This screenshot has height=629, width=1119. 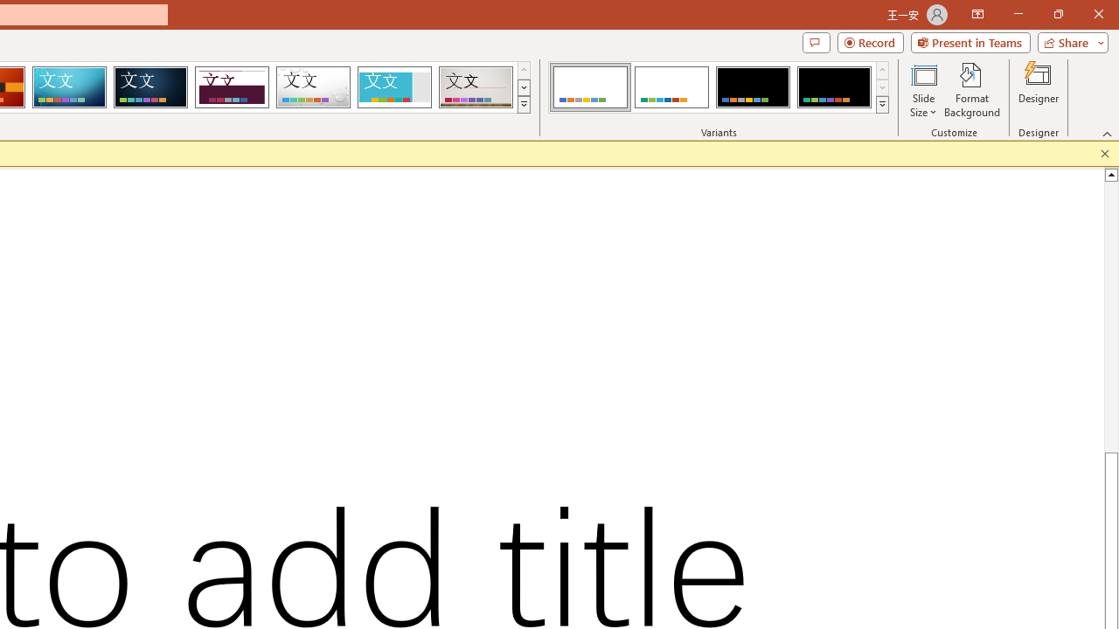 I want to click on 'Droplet', so click(x=313, y=87).